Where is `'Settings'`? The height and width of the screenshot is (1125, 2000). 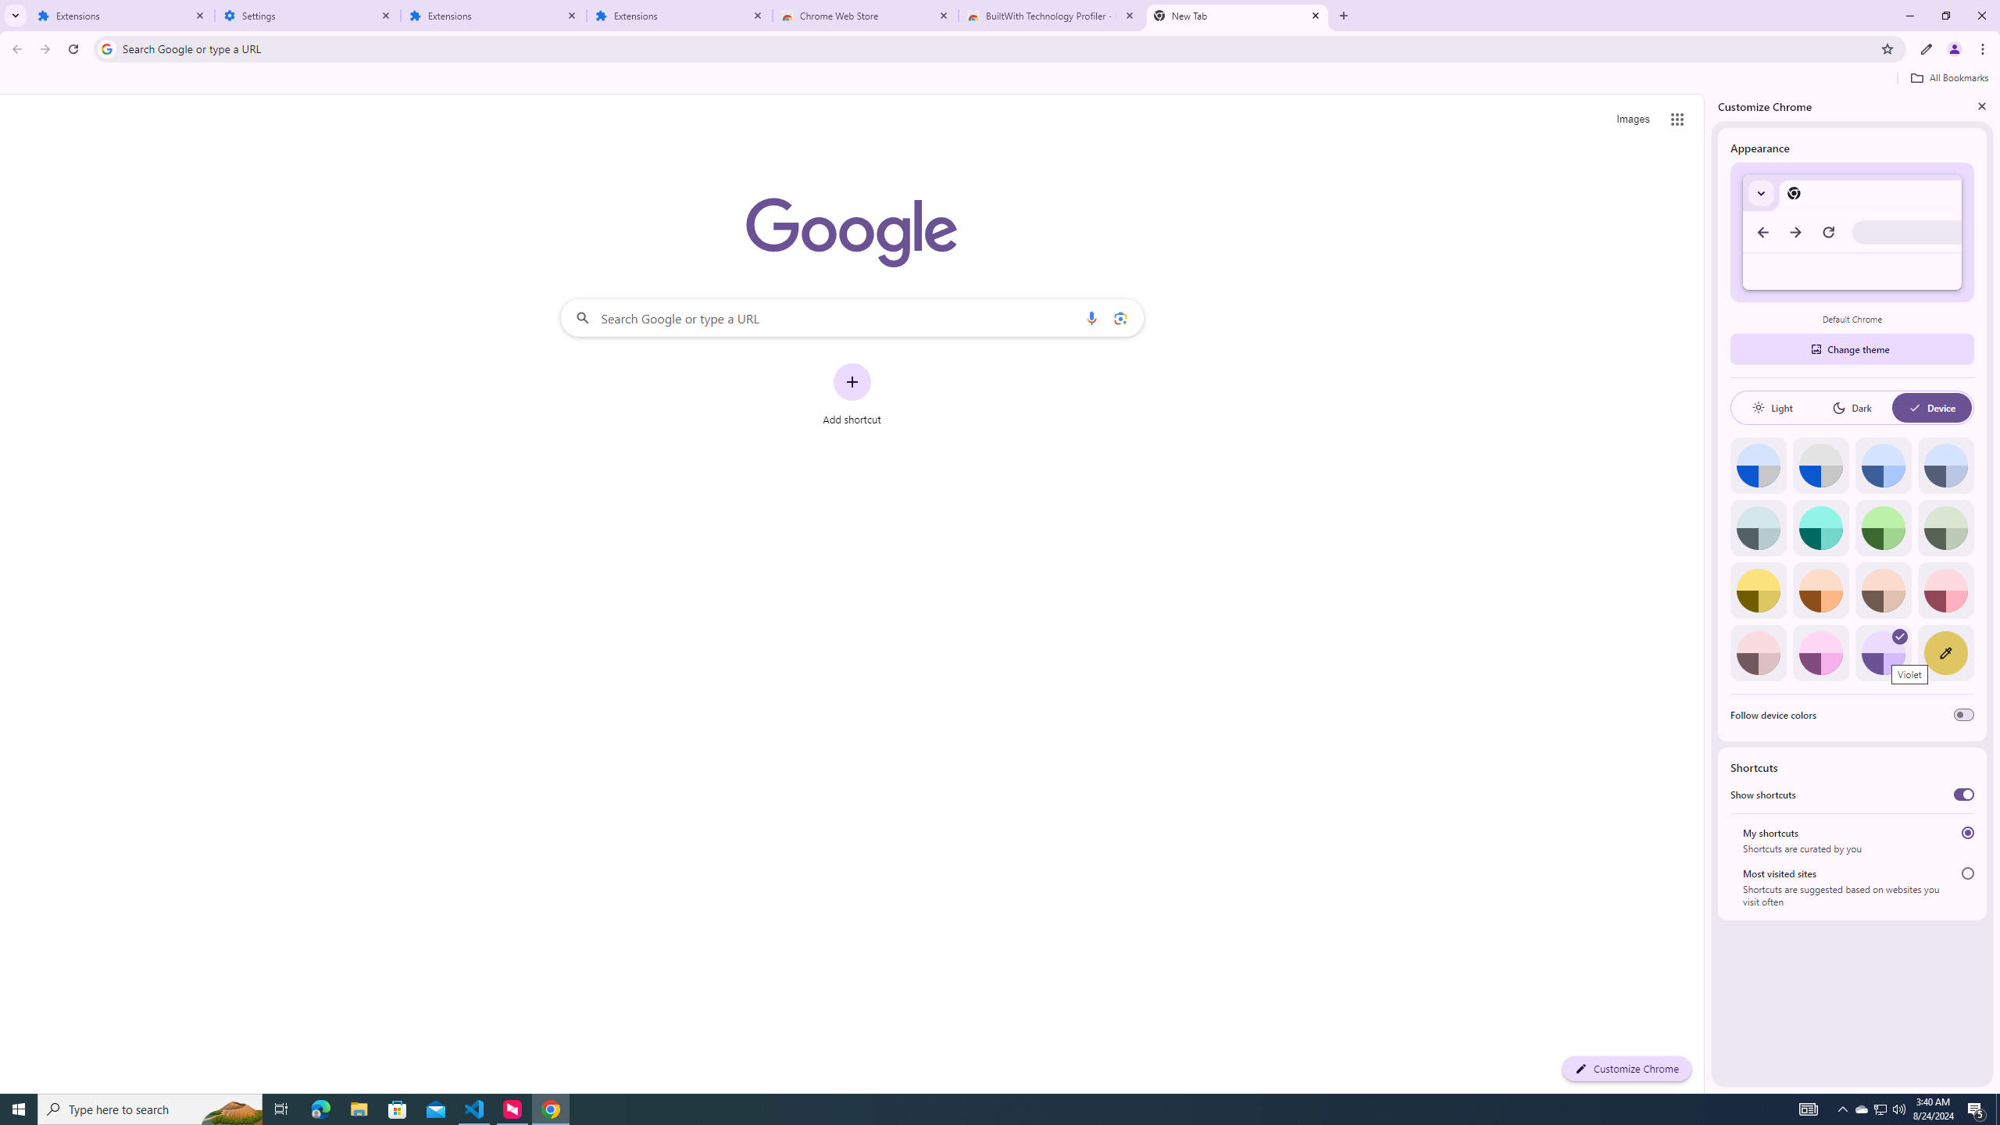
'Settings' is located at coordinates (308, 15).